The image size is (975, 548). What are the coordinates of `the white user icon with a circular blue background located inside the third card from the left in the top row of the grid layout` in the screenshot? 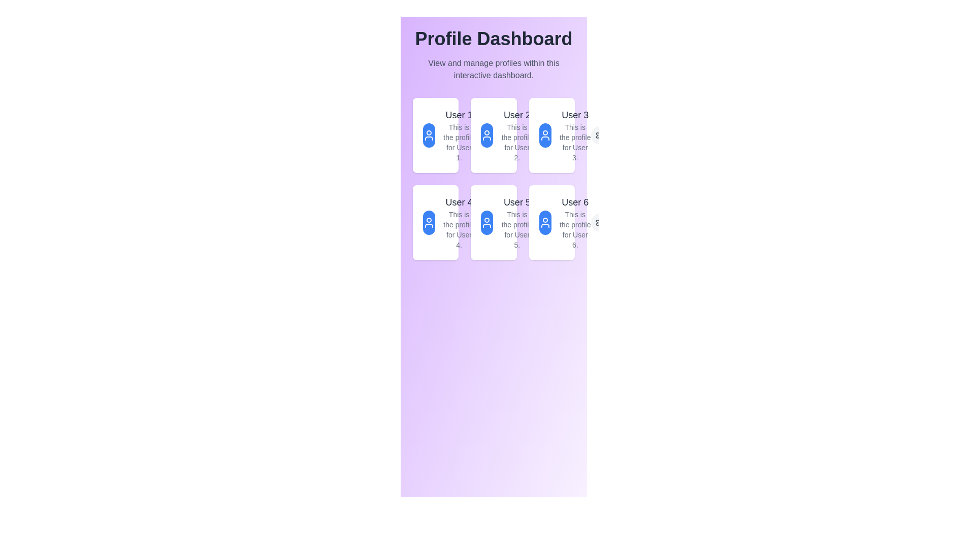 It's located at (544, 134).